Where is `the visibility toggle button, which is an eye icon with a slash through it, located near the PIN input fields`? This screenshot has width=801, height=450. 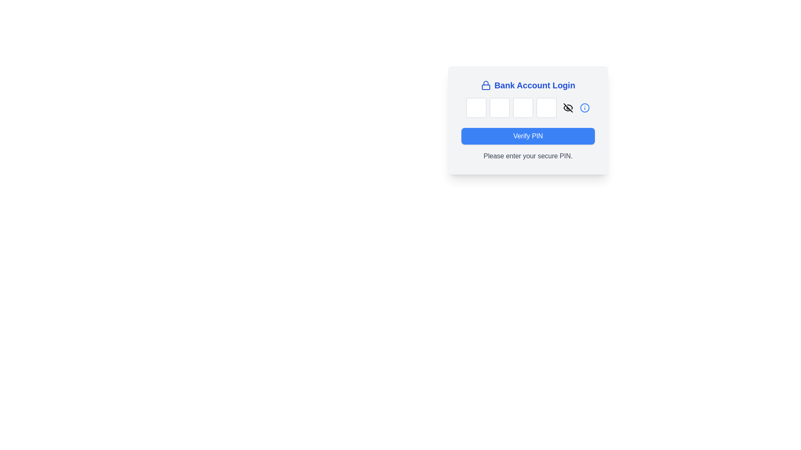
the visibility toggle button, which is an eye icon with a slash through it, located near the PIN input fields is located at coordinates (568, 107).